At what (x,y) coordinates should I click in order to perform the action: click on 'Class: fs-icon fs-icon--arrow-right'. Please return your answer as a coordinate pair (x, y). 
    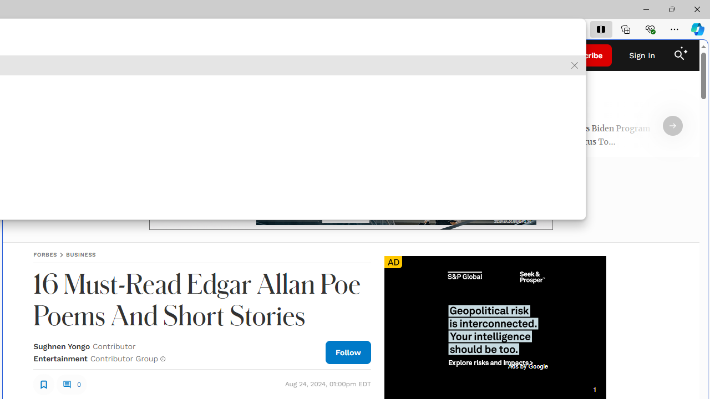
    Looking at the image, I should click on (672, 125).